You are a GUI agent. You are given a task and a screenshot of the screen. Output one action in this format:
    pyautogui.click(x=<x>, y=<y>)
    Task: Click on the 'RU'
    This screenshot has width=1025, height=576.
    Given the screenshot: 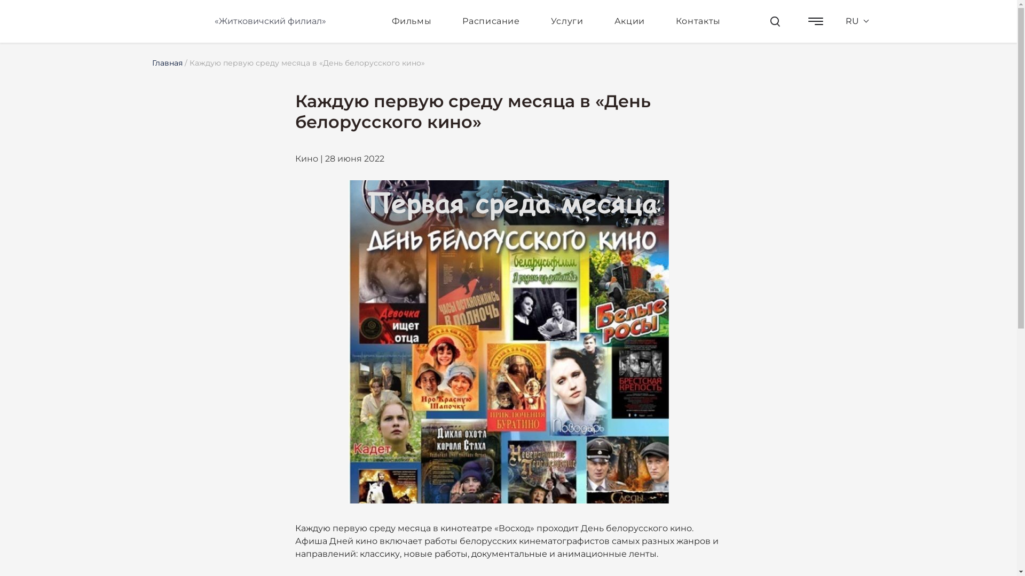 What is the action you would take?
    pyautogui.click(x=851, y=21)
    